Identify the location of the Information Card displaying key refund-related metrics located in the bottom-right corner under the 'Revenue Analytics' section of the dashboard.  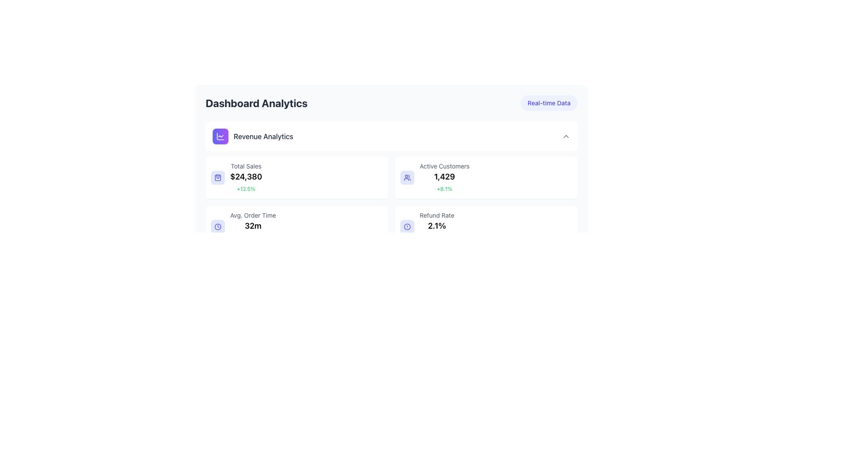
(485, 226).